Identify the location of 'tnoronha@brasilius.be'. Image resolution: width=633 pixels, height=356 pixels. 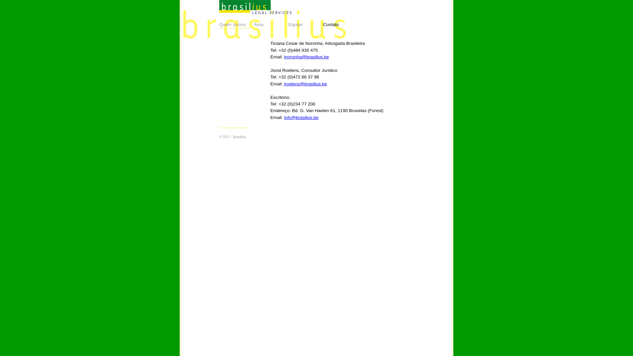
(306, 56).